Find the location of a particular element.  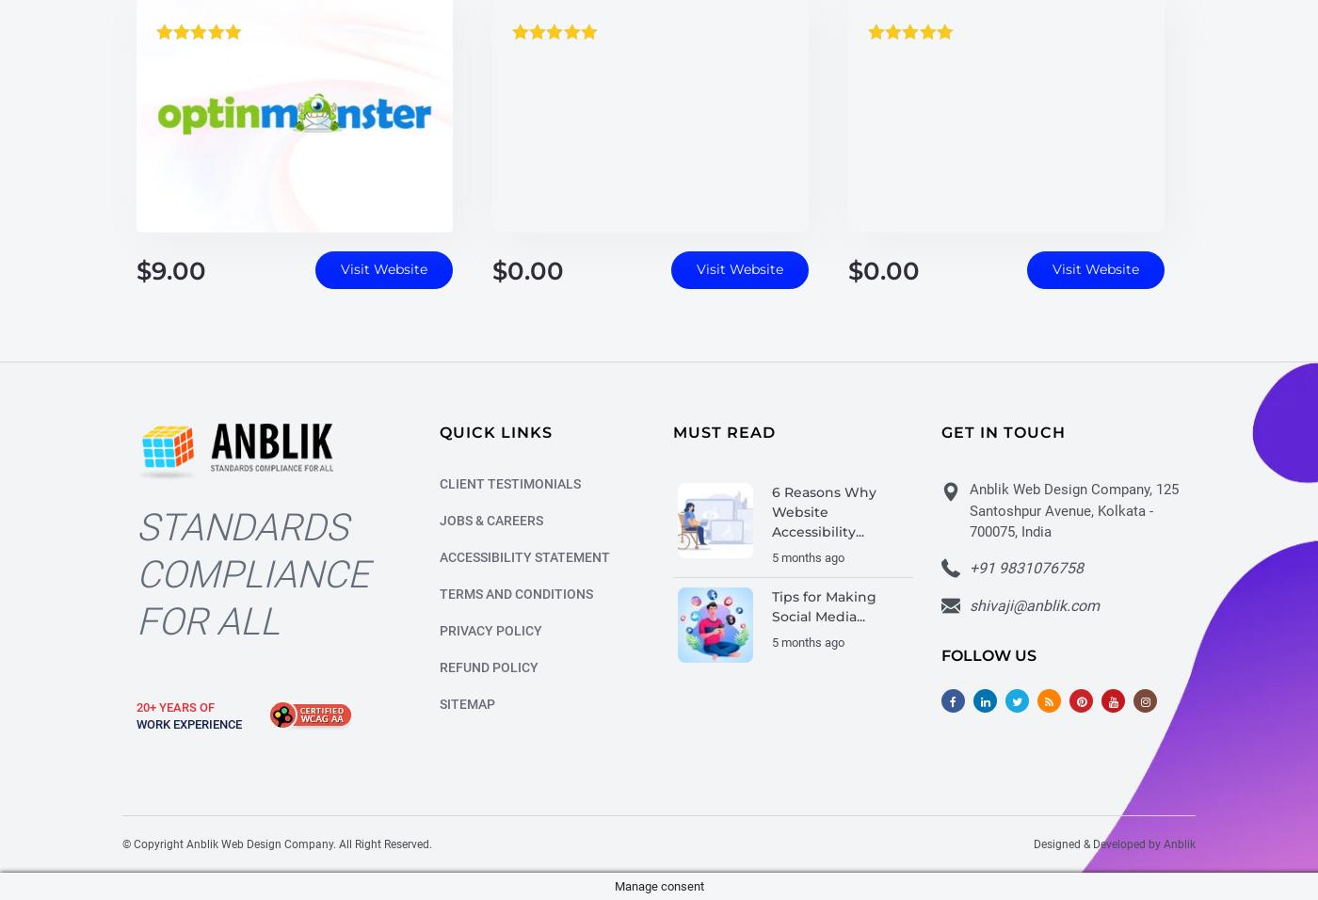

'Must Read' is located at coordinates (724, 435).